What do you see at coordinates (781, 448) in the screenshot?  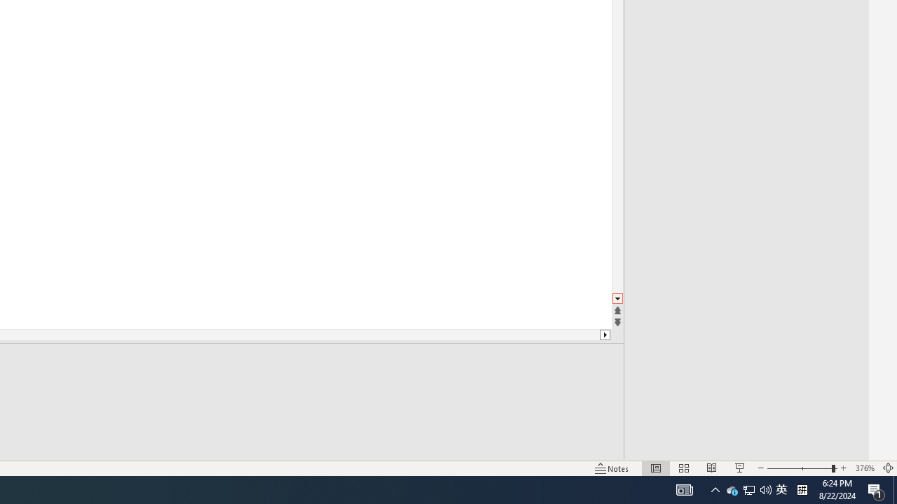 I see `'Text Size'` at bounding box center [781, 448].